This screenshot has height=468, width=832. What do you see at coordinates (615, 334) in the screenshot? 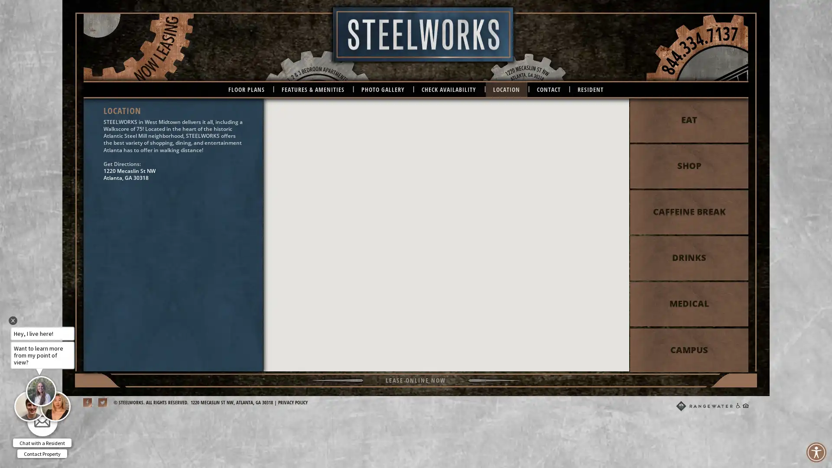
I see `Zoom in` at bounding box center [615, 334].